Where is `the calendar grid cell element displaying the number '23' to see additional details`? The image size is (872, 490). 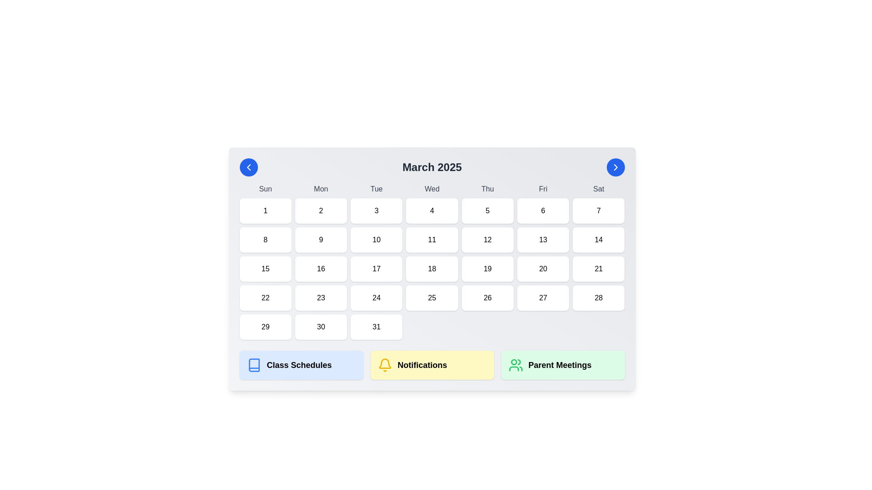
the calendar grid cell element displaying the number '23' to see additional details is located at coordinates (321, 298).